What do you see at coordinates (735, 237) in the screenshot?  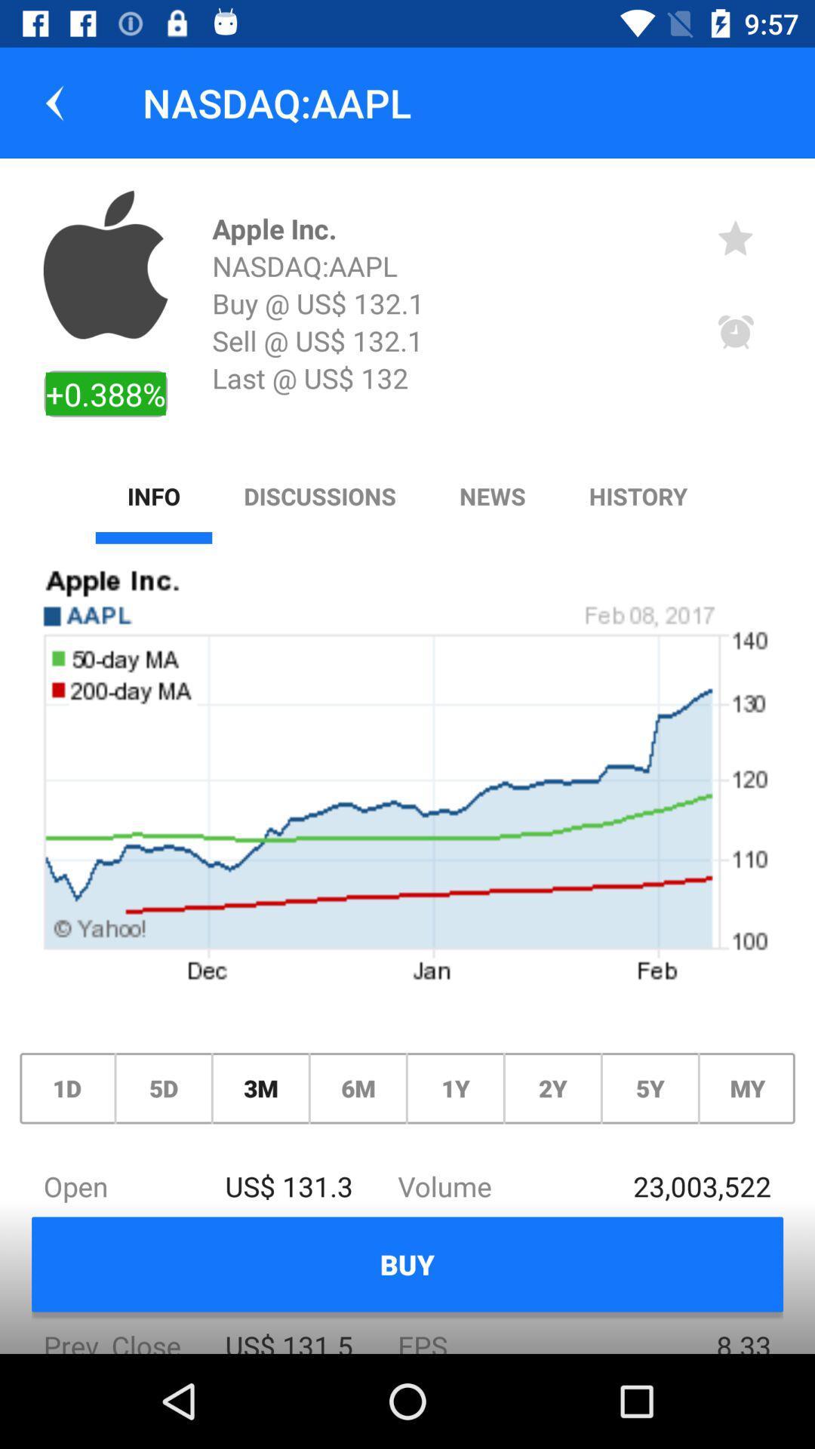 I see `the icon to the right of apple inc. icon` at bounding box center [735, 237].